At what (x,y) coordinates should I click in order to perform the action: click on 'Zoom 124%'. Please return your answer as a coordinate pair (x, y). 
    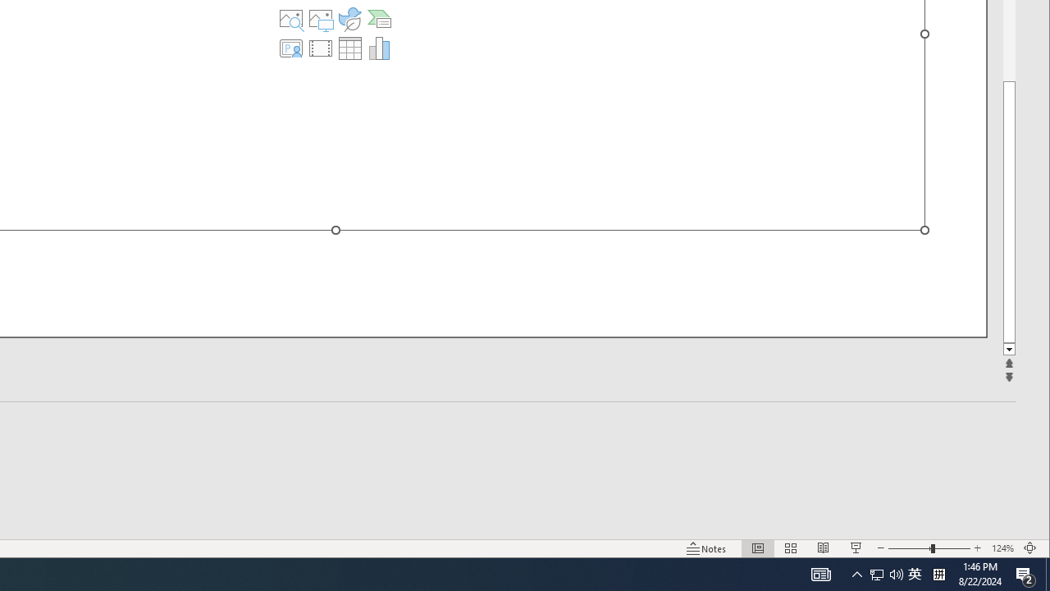
    Looking at the image, I should click on (1002, 548).